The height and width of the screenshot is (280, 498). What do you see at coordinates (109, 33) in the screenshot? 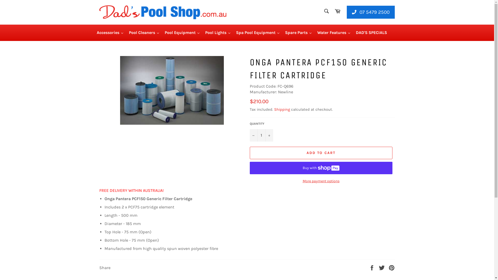
I see `'Accessories'` at bounding box center [109, 33].